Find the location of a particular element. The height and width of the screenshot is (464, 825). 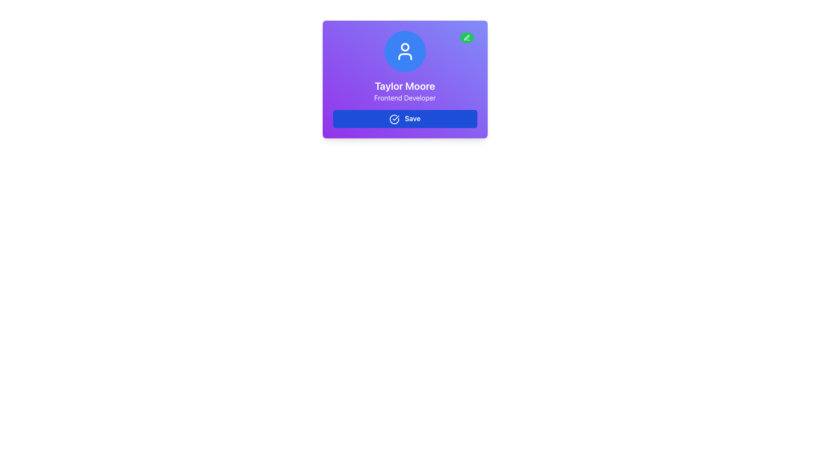

the minimalistic green pen icon located in the top right corner of the user profile card to initiate edit functionality is located at coordinates (466, 37).